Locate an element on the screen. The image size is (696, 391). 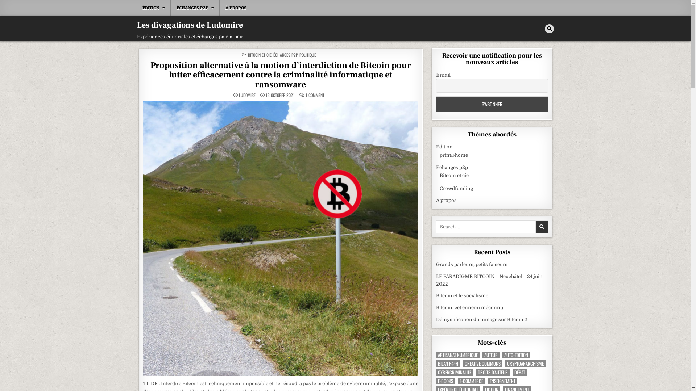
'POLITIQUE' is located at coordinates (308, 54).